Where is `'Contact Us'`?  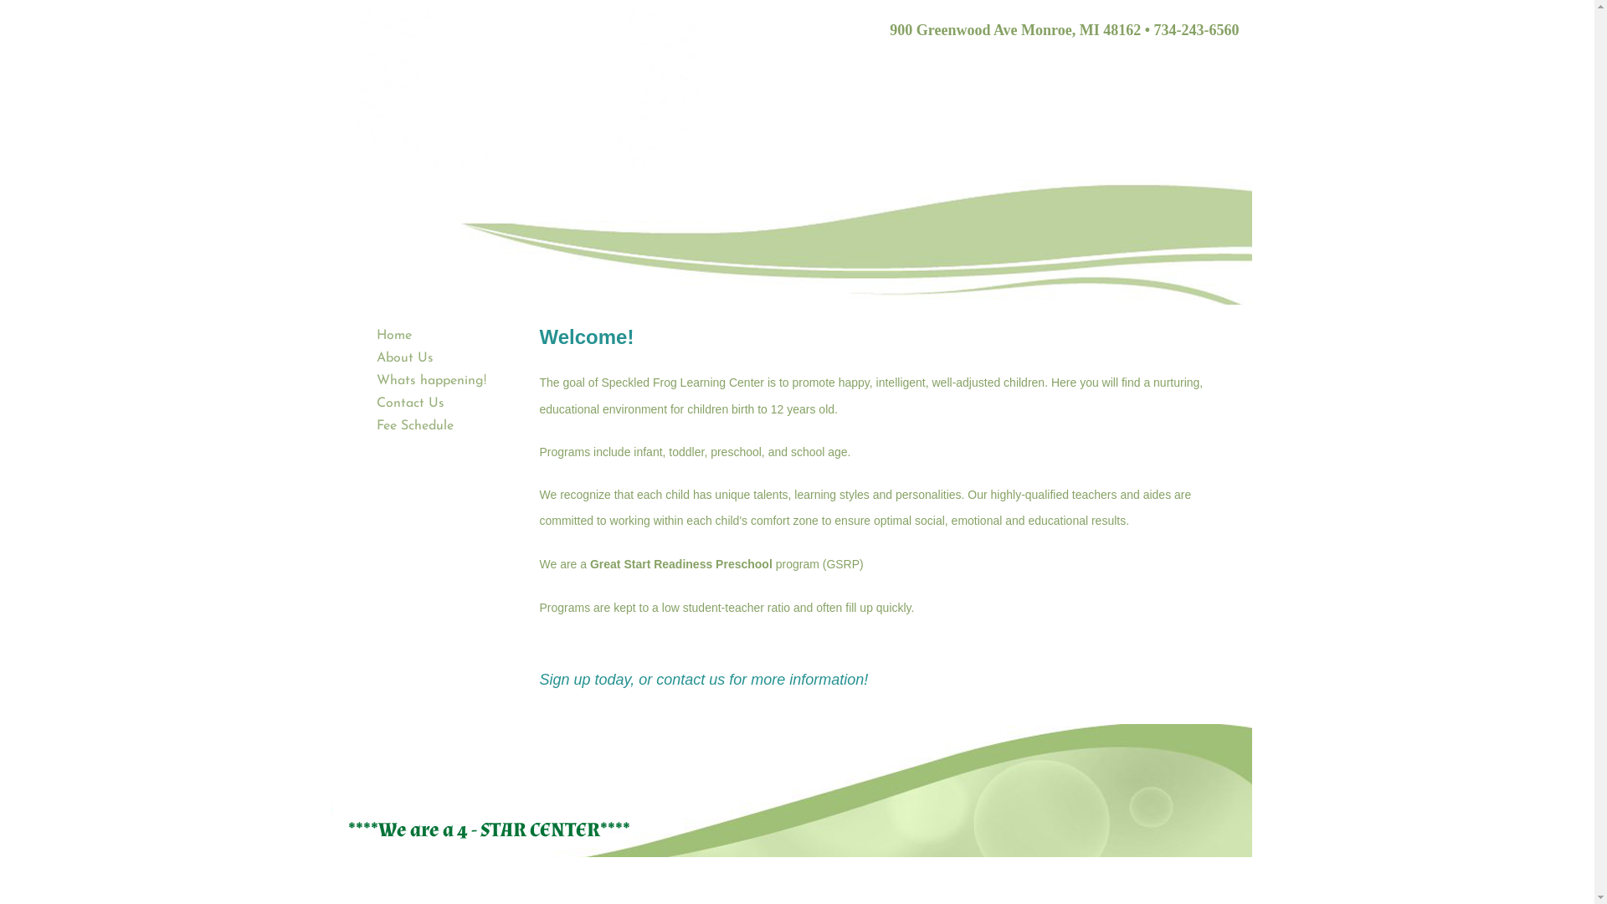
'Contact Us' is located at coordinates (410, 403).